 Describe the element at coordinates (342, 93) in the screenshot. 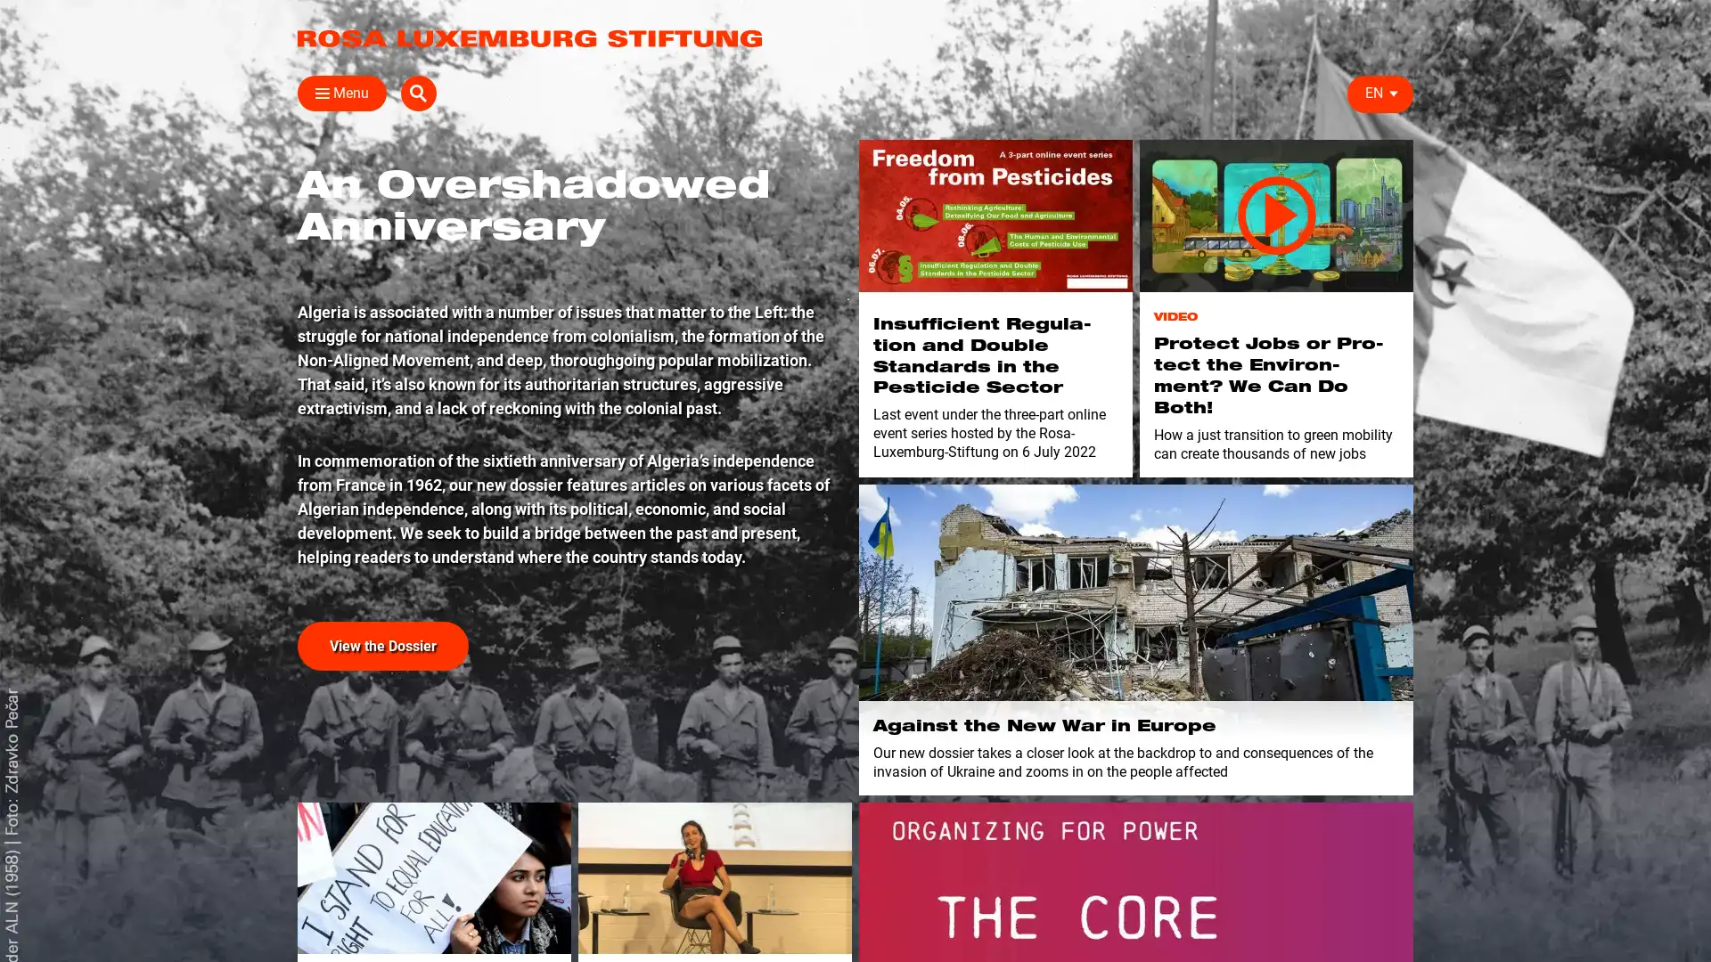

I see `Menu` at that location.